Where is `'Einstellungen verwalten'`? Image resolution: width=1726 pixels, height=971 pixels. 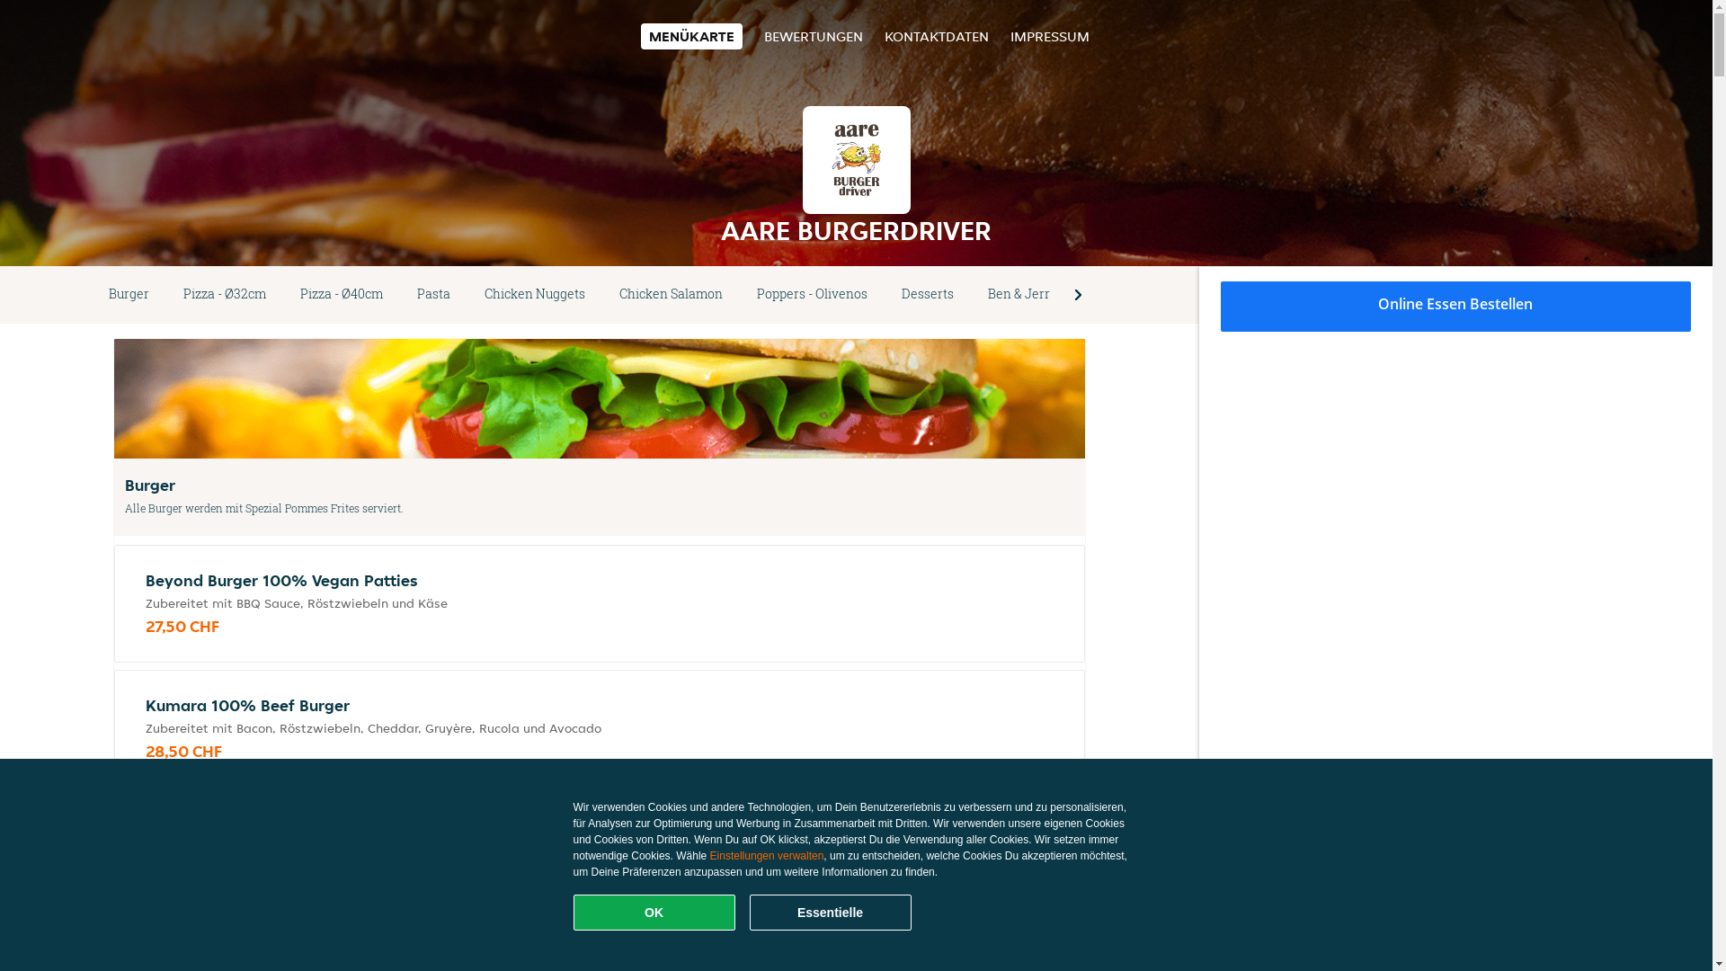 'Einstellungen verwalten' is located at coordinates (767, 855).